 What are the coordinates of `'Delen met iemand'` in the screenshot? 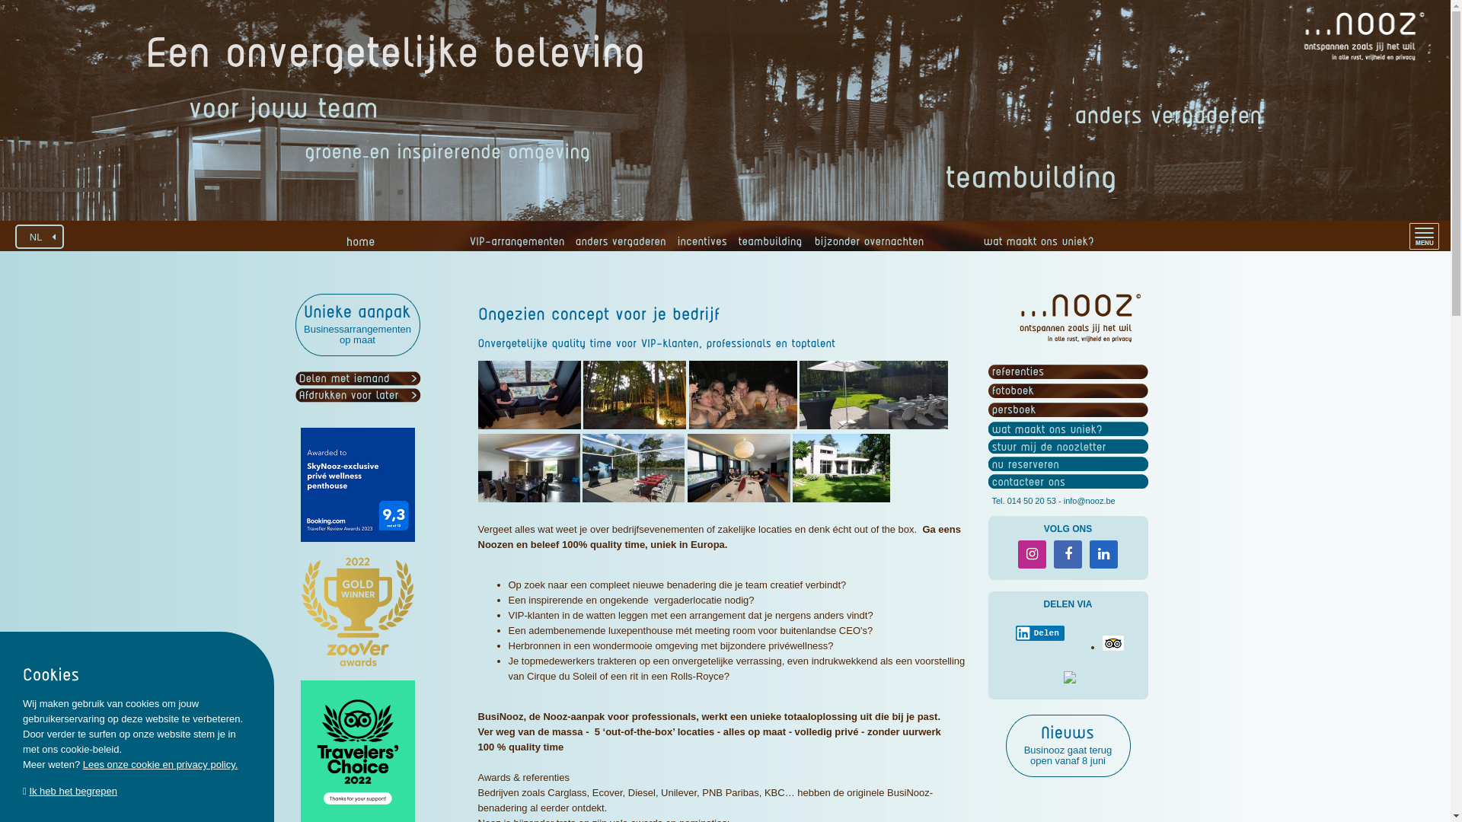 It's located at (343, 378).